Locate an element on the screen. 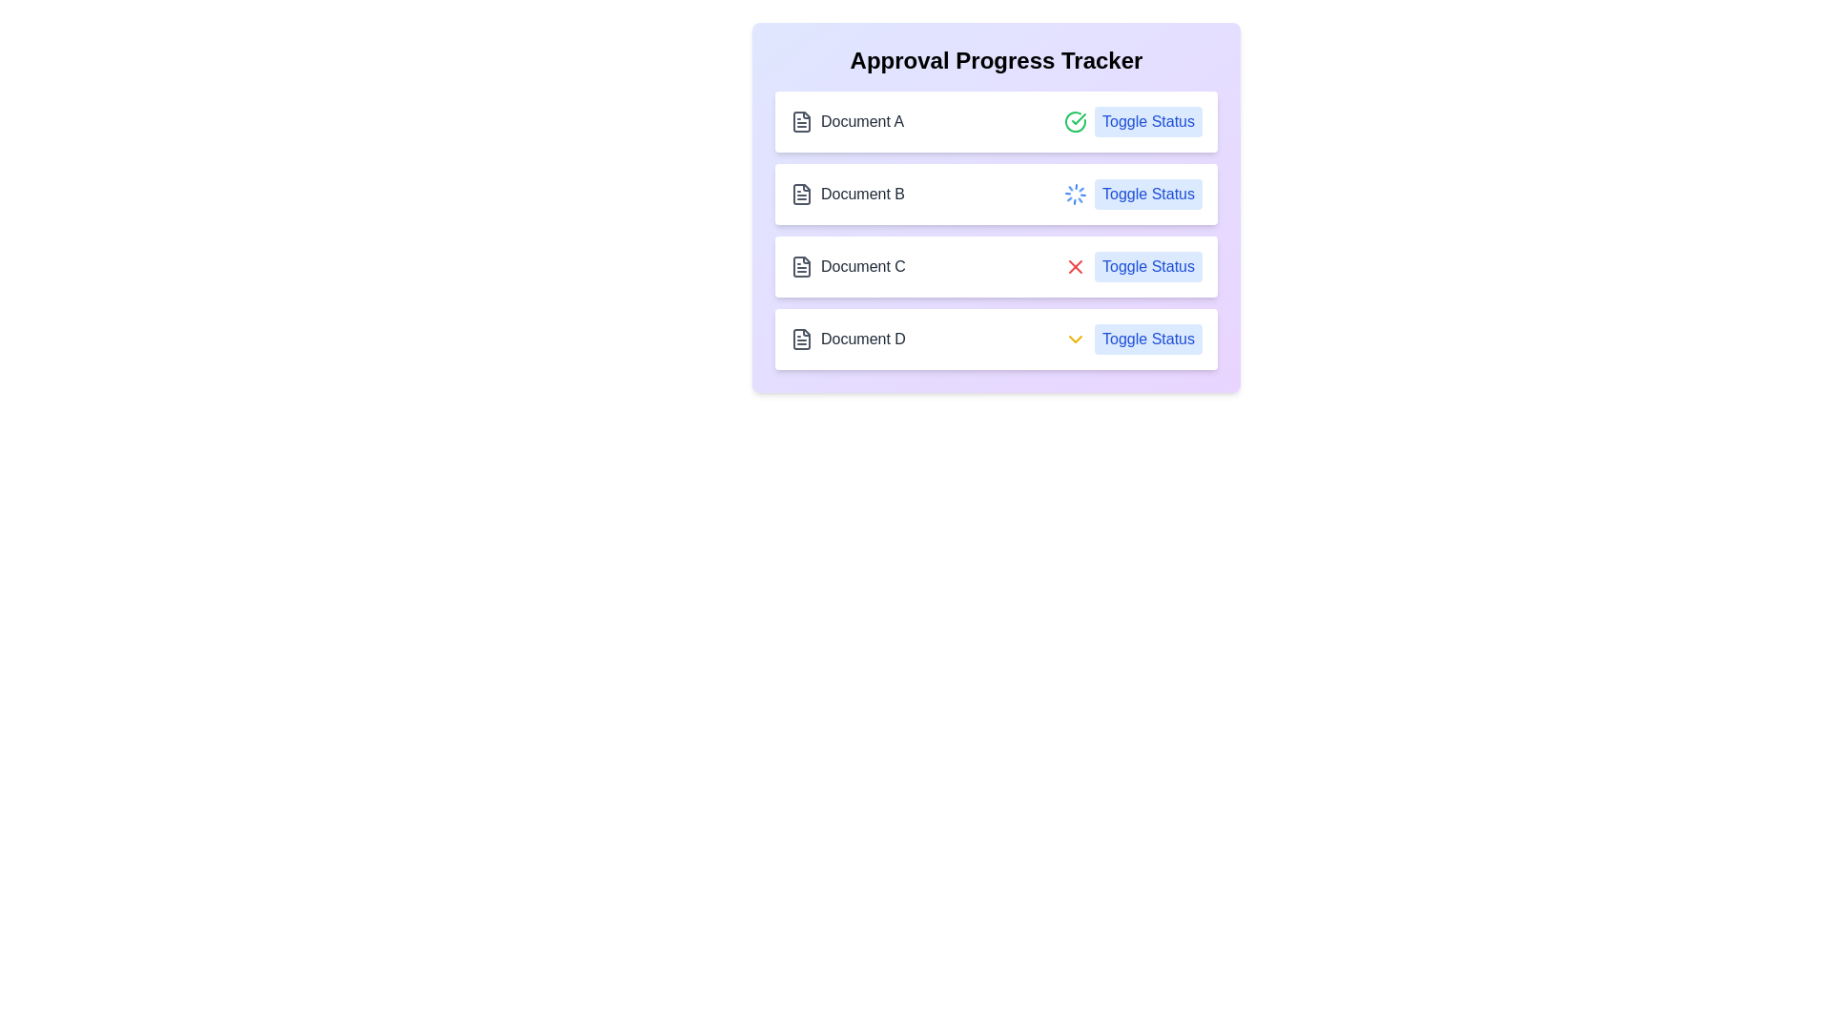  the 'Toggle Status' button with a light blue background and rounded corners located beside the green check icon in the 'Approval Progress Tracker' for 'Document A' is located at coordinates (1133, 121).